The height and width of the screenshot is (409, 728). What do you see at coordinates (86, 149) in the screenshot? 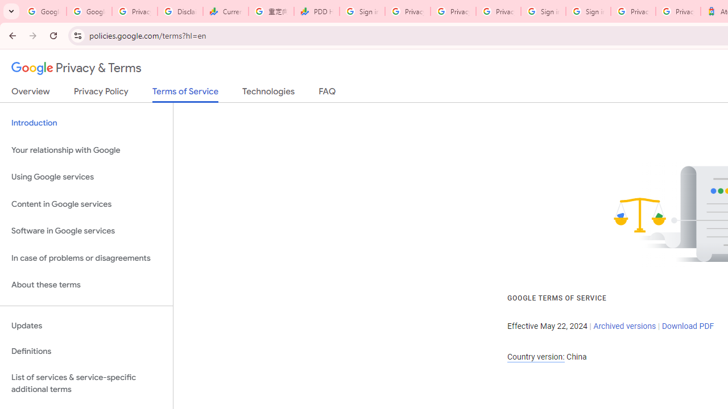
I see `'Your relationship with Google'` at bounding box center [86, 149].